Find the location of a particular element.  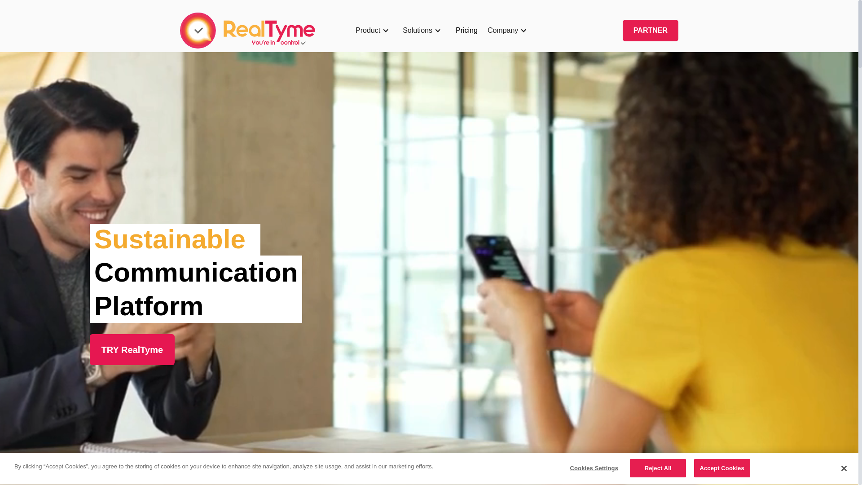

'Reject All' is located at coordinates (658, 467).